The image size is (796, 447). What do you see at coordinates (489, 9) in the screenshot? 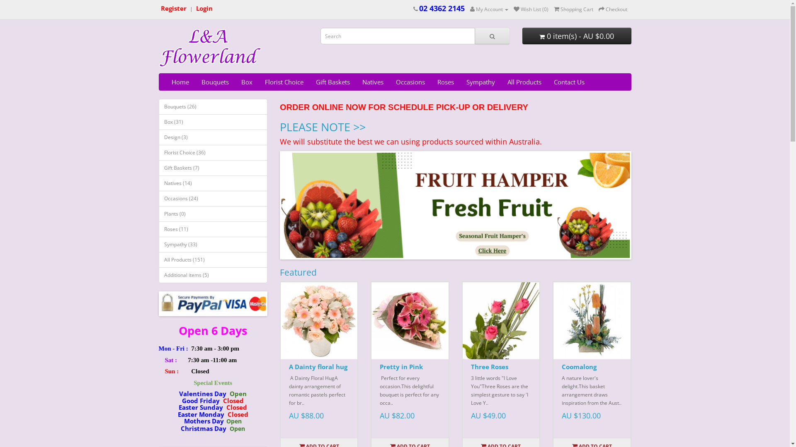
I see `'My Account'` at bounding box center [489, 9].